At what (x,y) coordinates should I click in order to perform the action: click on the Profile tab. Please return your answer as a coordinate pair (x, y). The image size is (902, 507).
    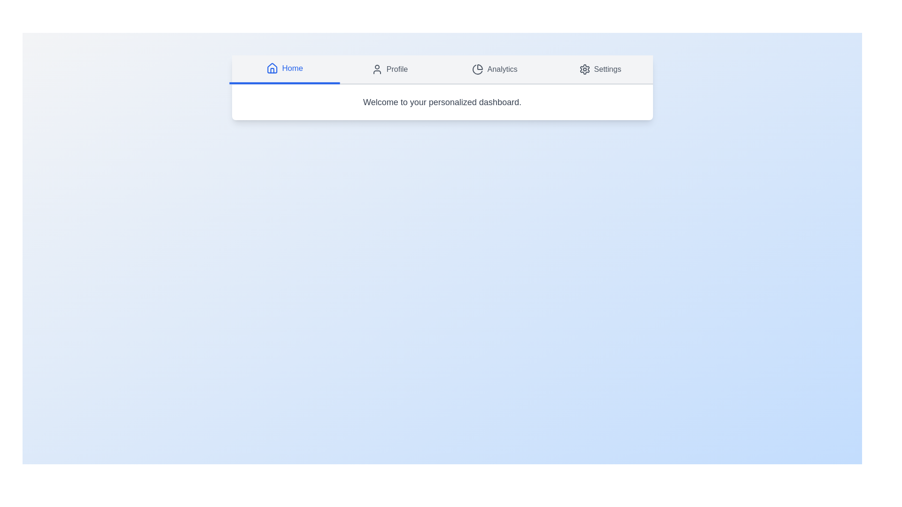
    Looking at the image, I should click on (389, 69).